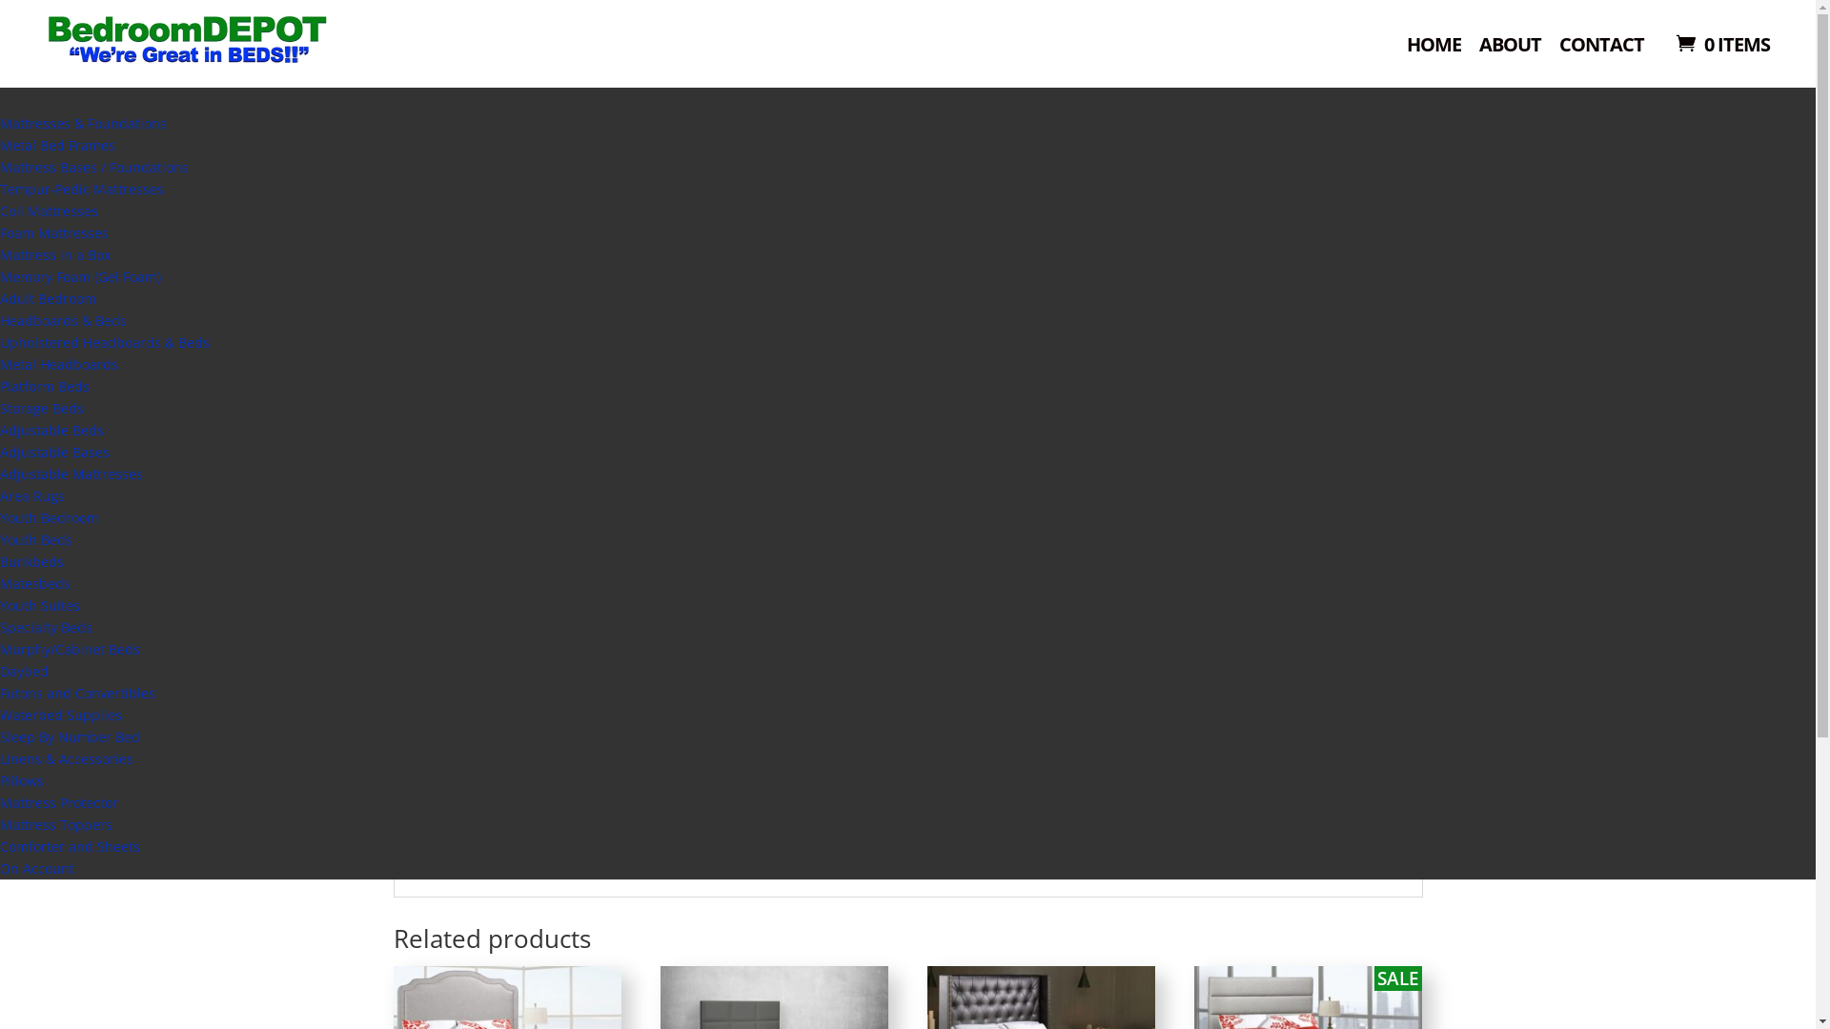 This screenshot has height=1029, width=1830. Describe the element at coordinates (0, 386) in the screenshot. I see `'Platform Beds'` at that location.